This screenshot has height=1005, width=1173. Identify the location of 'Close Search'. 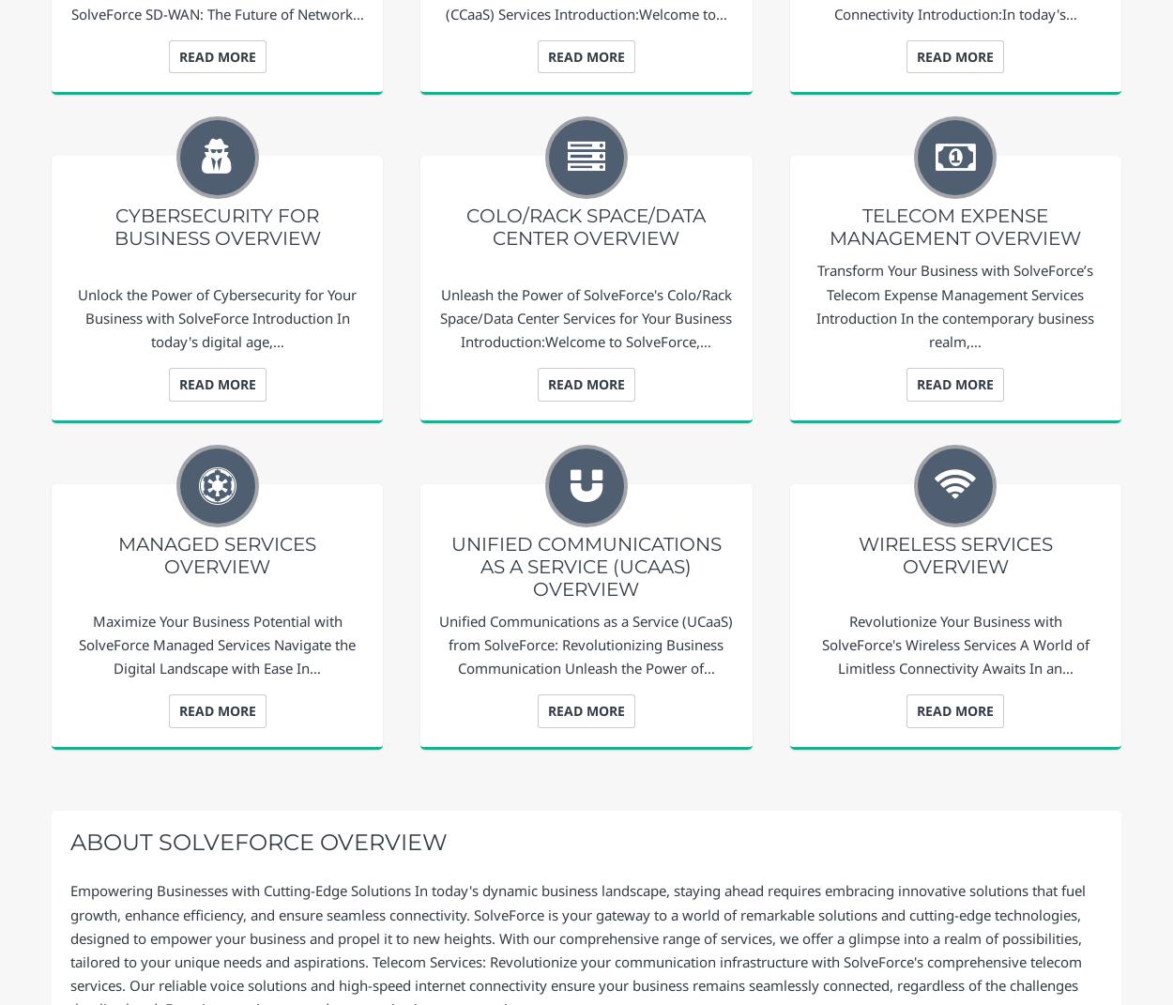
(1107, 787).